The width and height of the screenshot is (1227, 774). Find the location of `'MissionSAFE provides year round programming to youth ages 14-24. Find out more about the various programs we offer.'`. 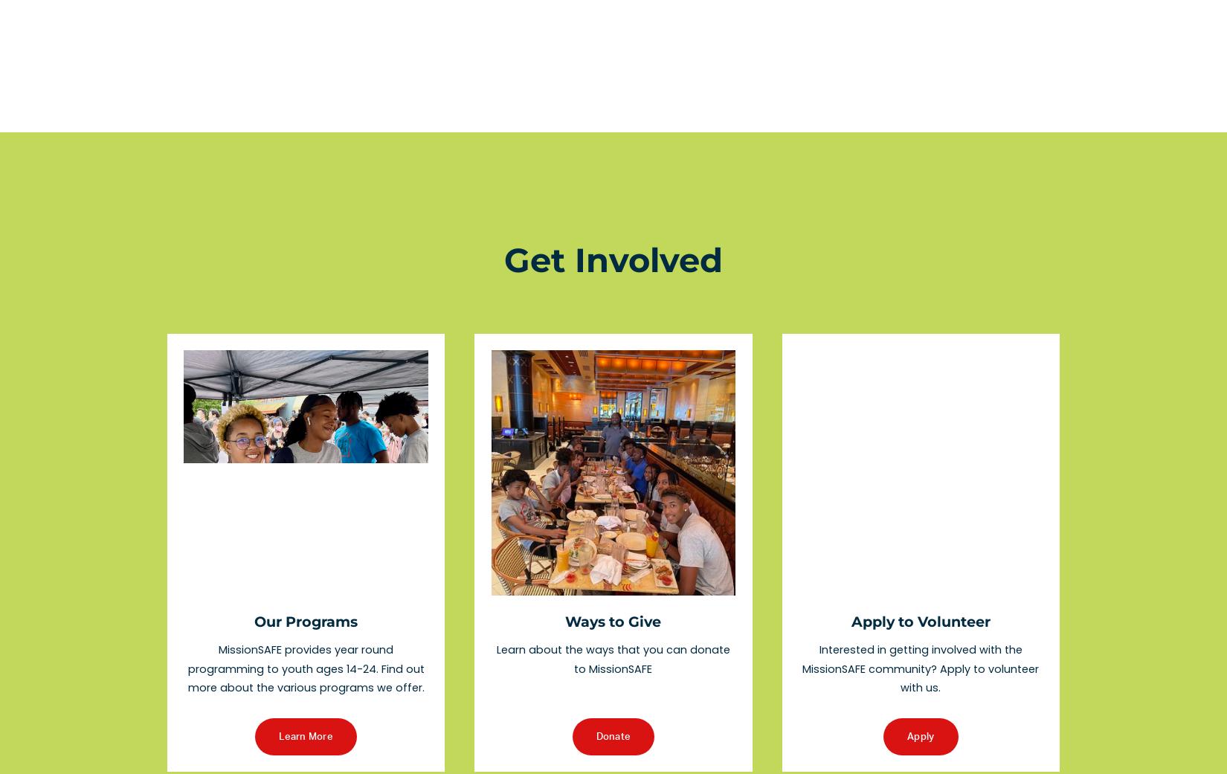

'MissionSAFE provides year round programming to youth ages 14-24. Find out more about the various programs we offer.' is located at coordinates (306, 668).